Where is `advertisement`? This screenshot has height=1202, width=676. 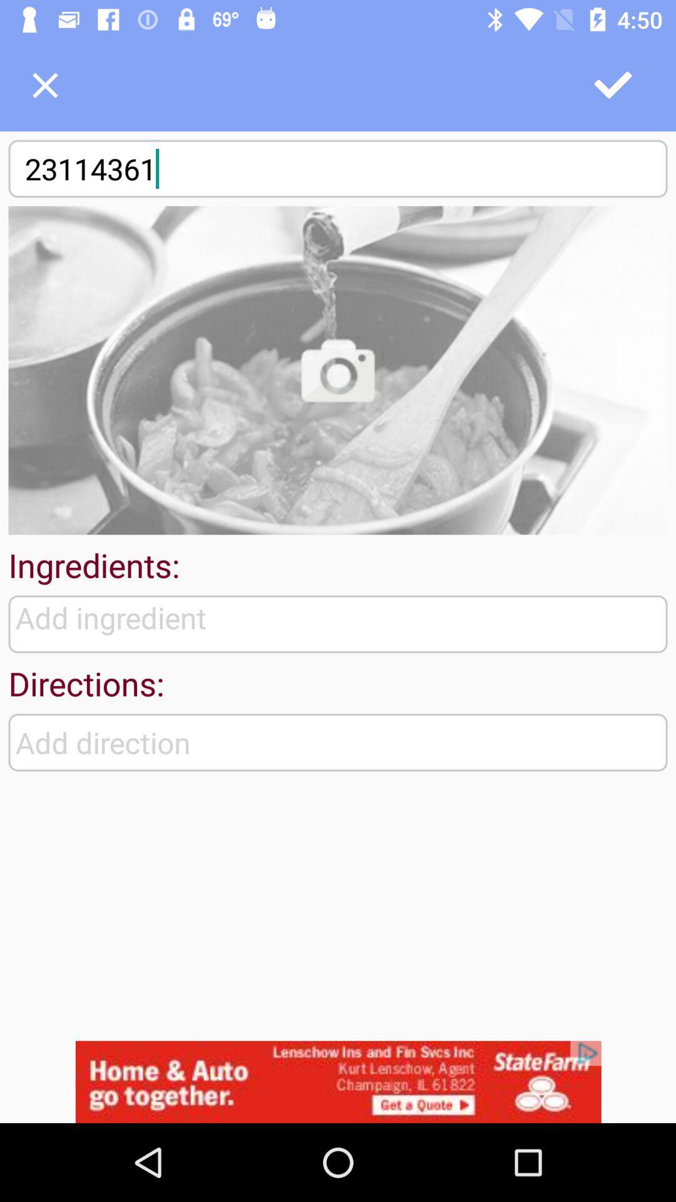
advertisement is located at coordinates (338, 1081).